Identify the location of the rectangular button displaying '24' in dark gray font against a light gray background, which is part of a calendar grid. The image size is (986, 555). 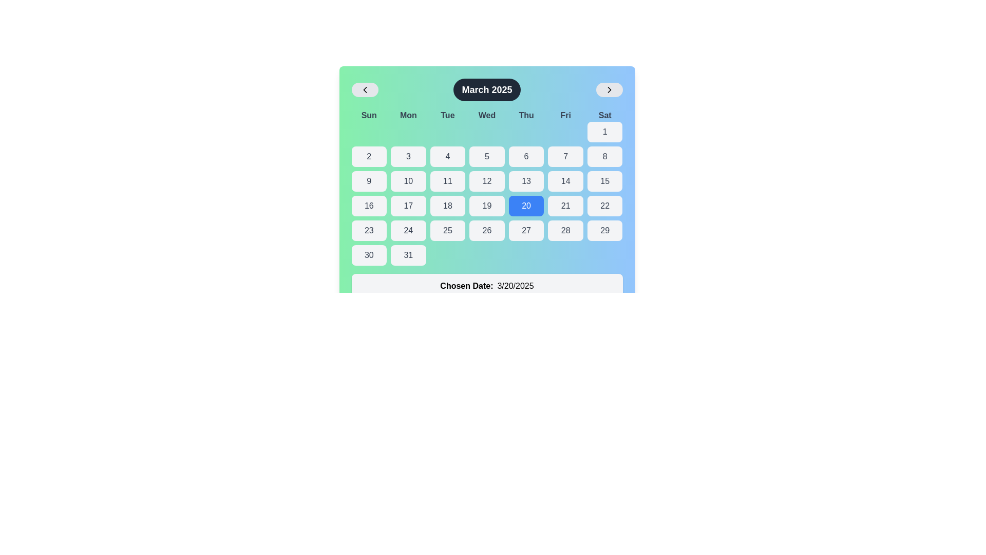
(408, 230).